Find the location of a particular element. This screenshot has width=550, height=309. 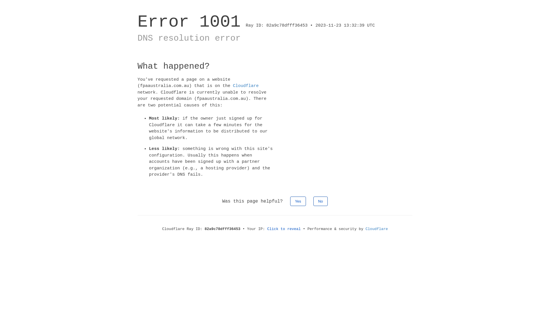

'Cloudflare' is located at coordinates (246, 86).